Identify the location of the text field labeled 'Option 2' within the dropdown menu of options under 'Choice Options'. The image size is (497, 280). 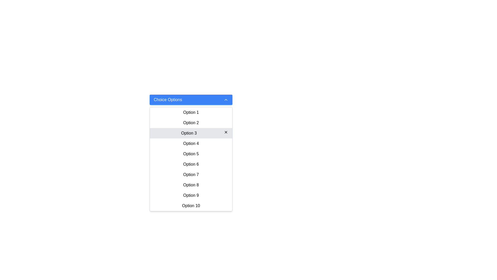
(191, 123).